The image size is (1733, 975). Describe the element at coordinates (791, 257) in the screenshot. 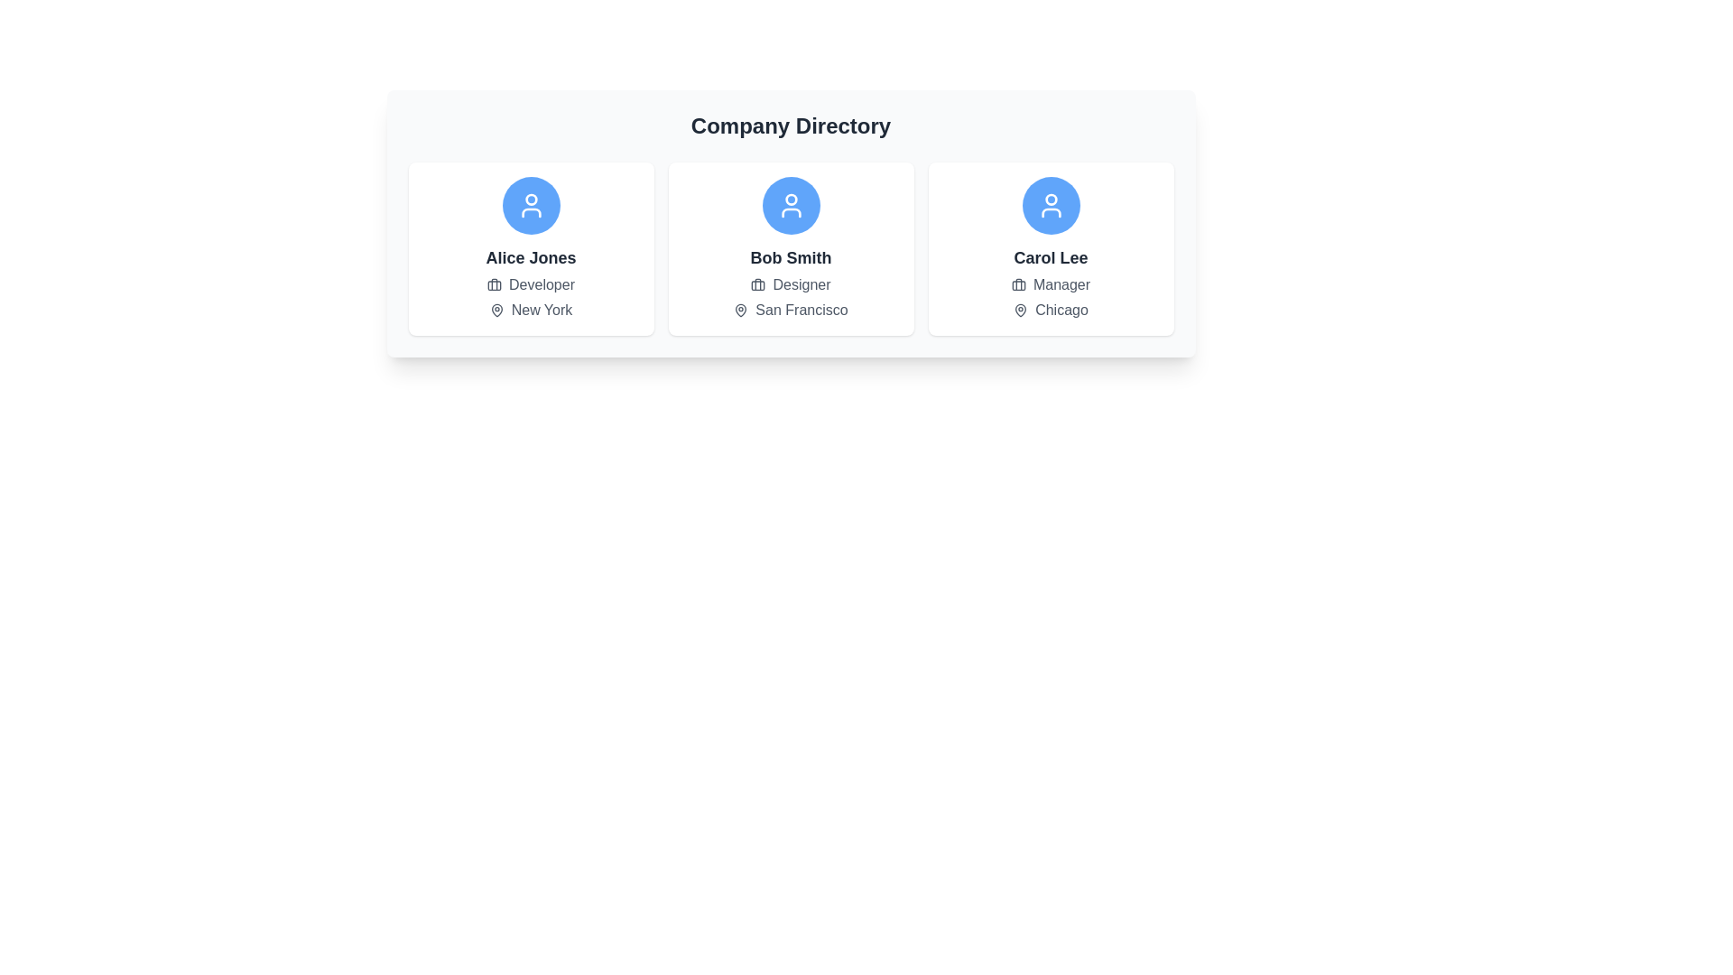

I see `the text label displaying 'Bob Smith', which serves as the primary identifier in the individual card layout` at that location.